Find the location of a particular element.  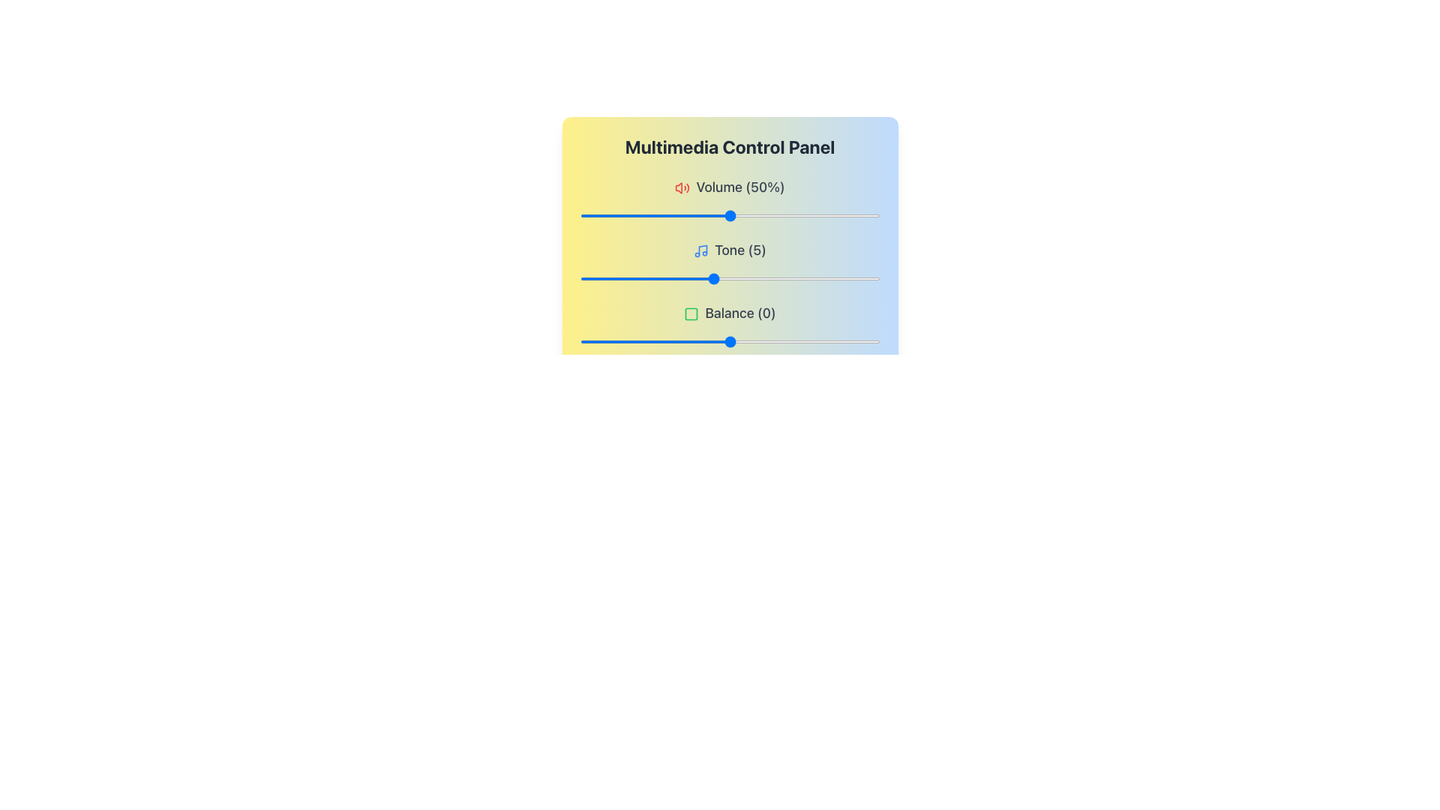

the balance is located at coordinates (678, 341).